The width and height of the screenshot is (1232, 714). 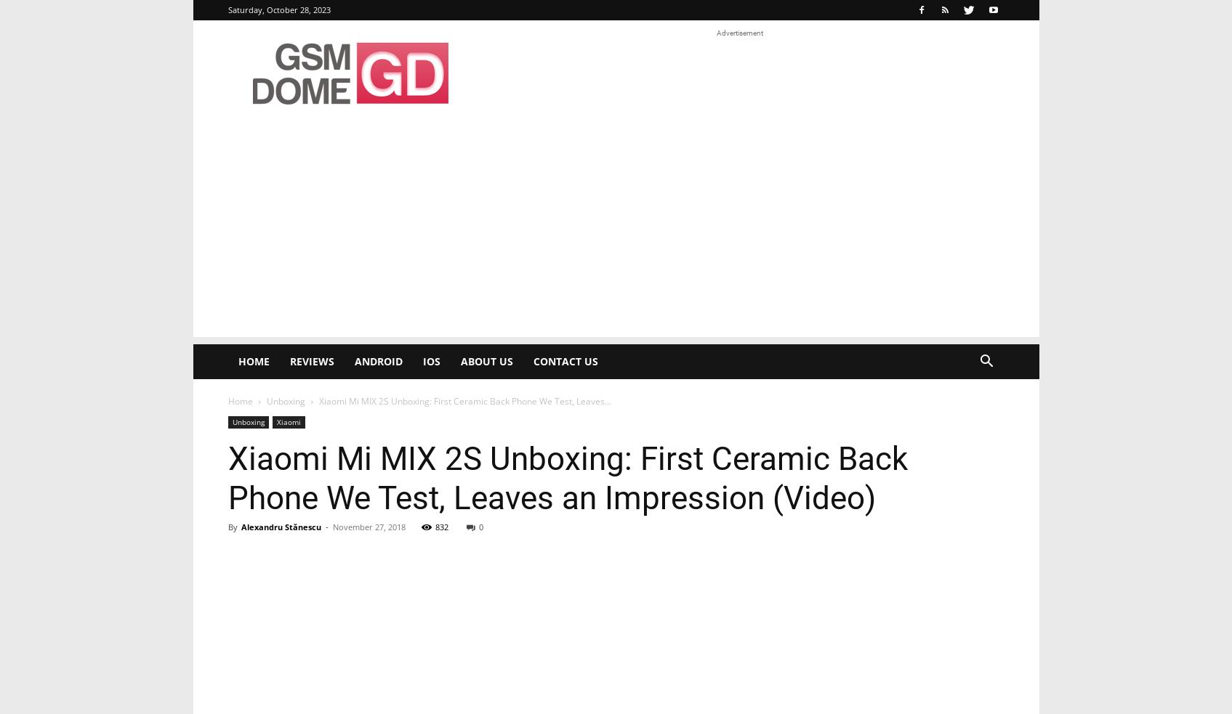 What do you see at coordinates (331, 526) in the screenshot?
I see `'November 27, 2018'` at bounding box center [331, 526].